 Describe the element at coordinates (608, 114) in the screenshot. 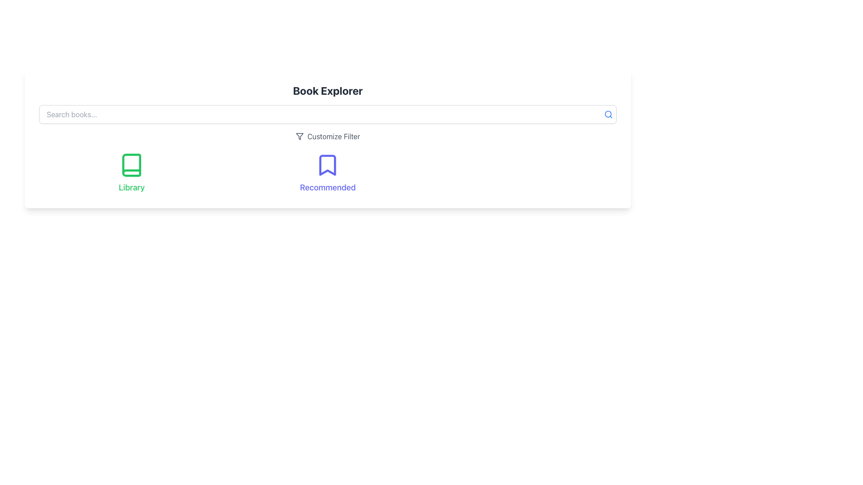

I see `the magnifying glass icon, which is styled in blue and located at the top-right corner of the search input field` at that location.